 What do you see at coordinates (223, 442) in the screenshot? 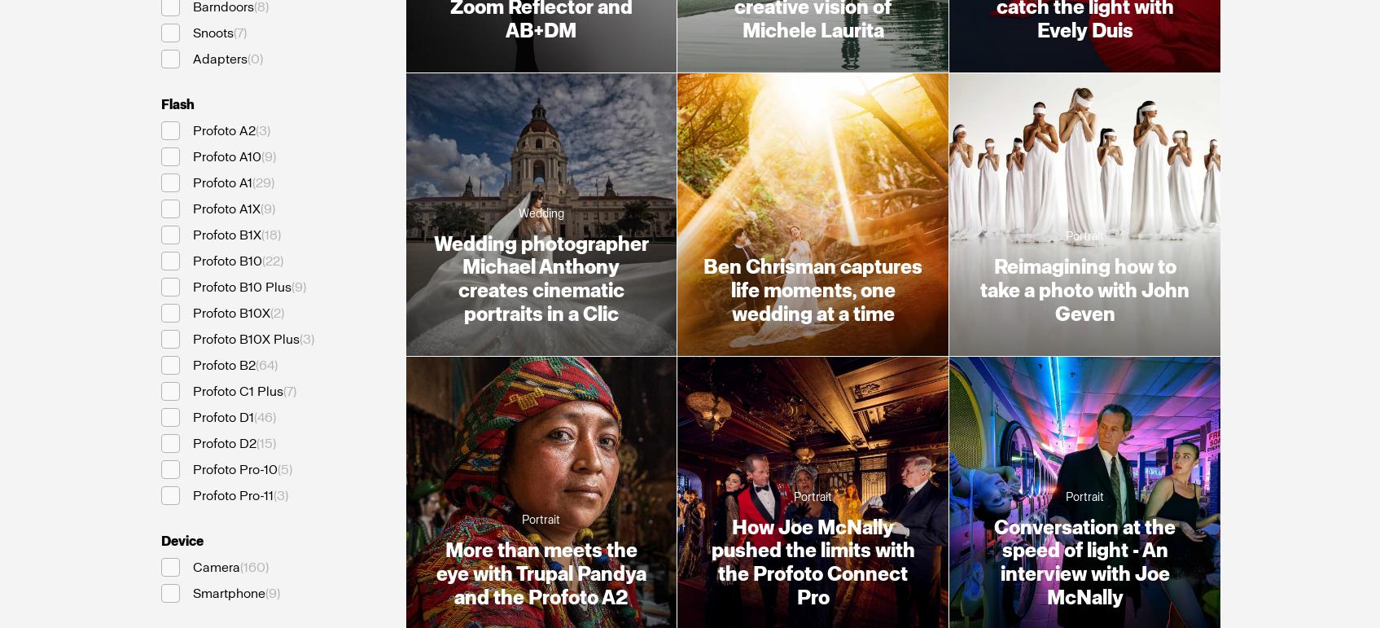
I see `'Profoto D2'` at bounding box center [223, 442].